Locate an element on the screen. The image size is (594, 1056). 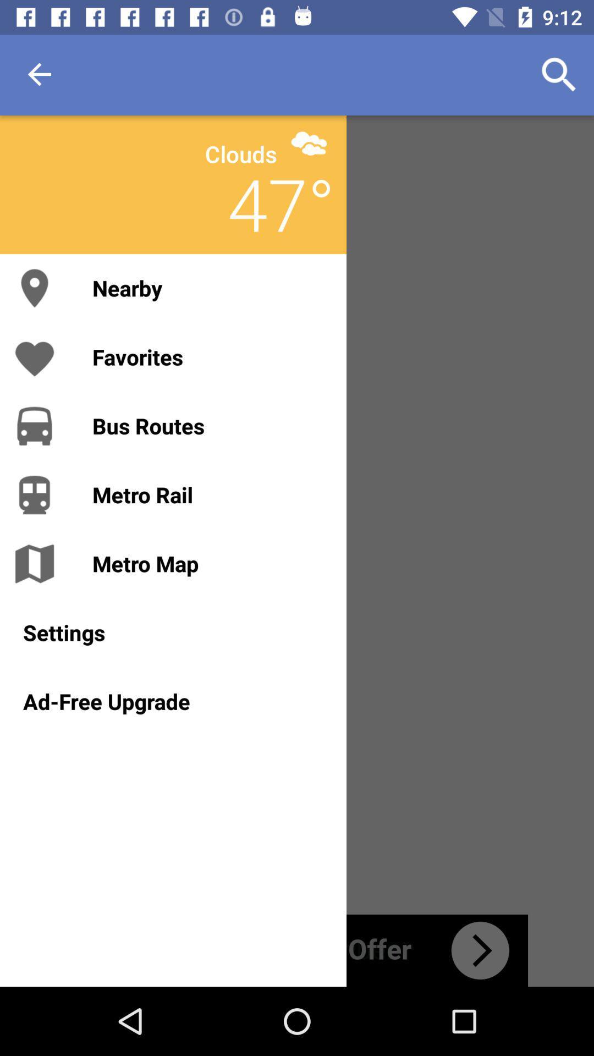
the favorites icon is located at coordinates (208, 357).